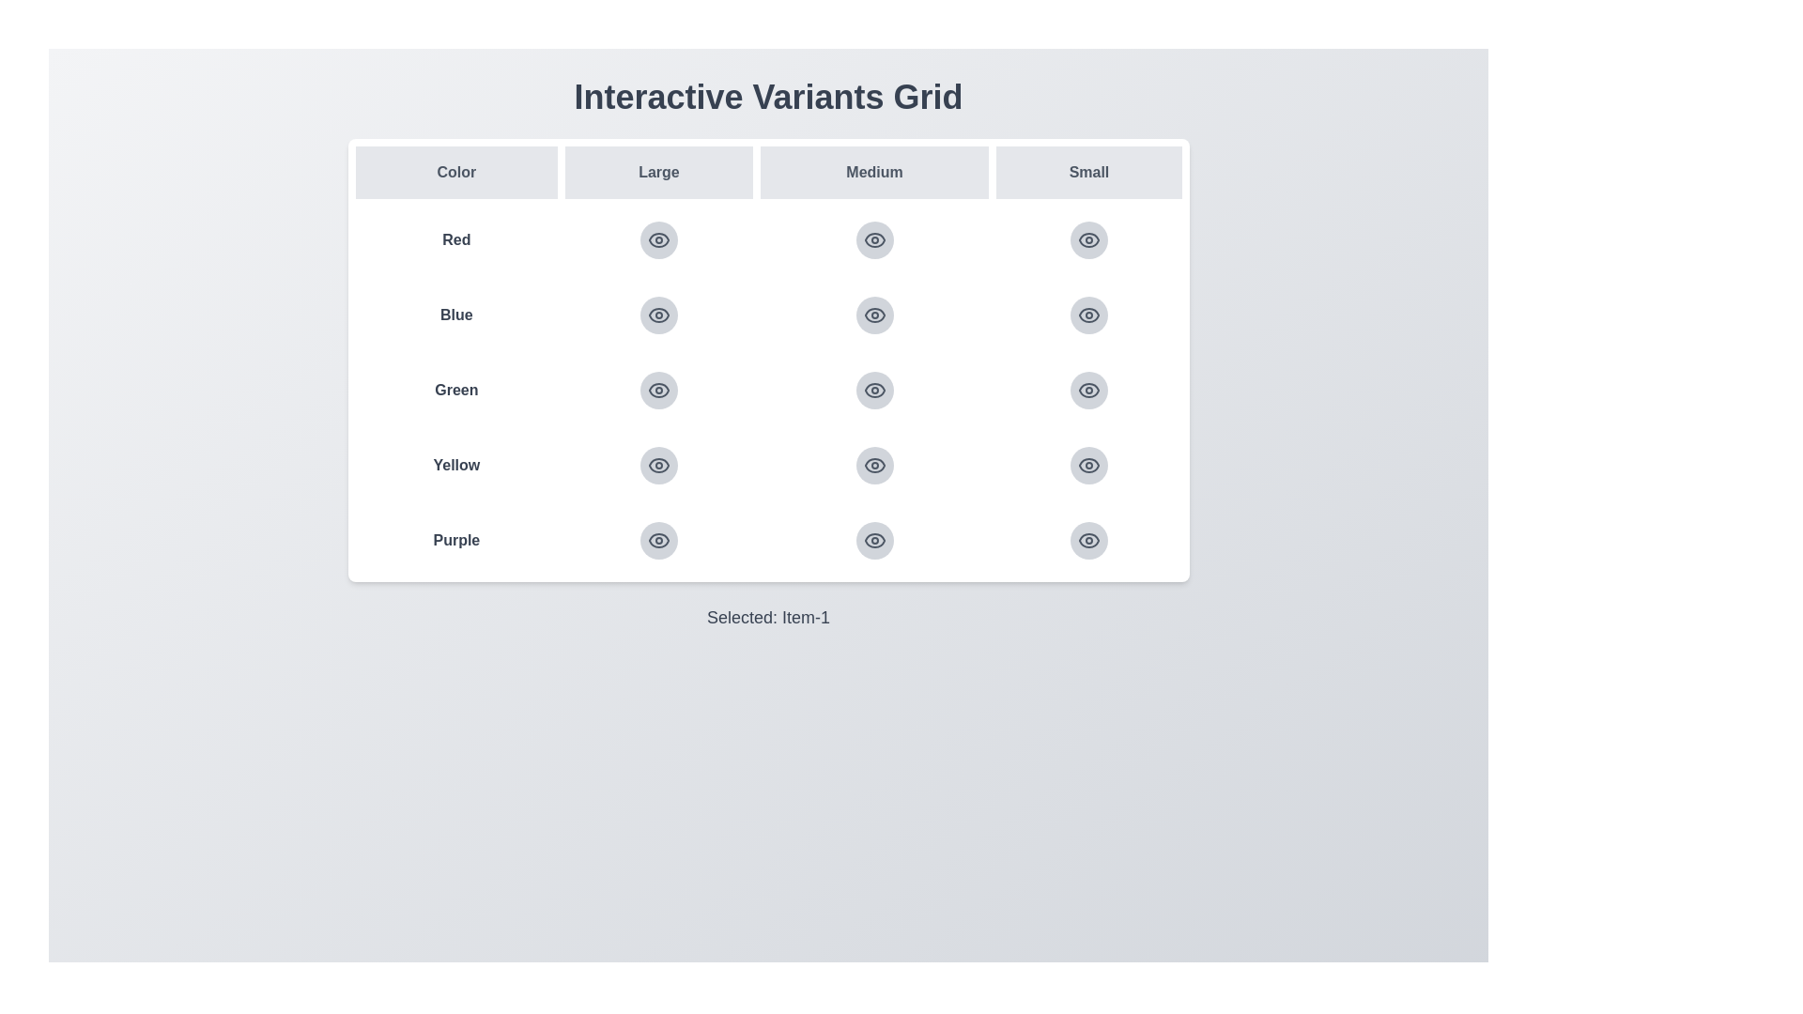 Image resolution: width=1803 pixels, height=1014 pixels. What do you see at coordinates (658, 540) in the screenshot?
I see `the circular icon button with an eye symbol located in the bottom row of the grid under the 'Small' column and 'Purple' row` at bounding box center [658, 540].